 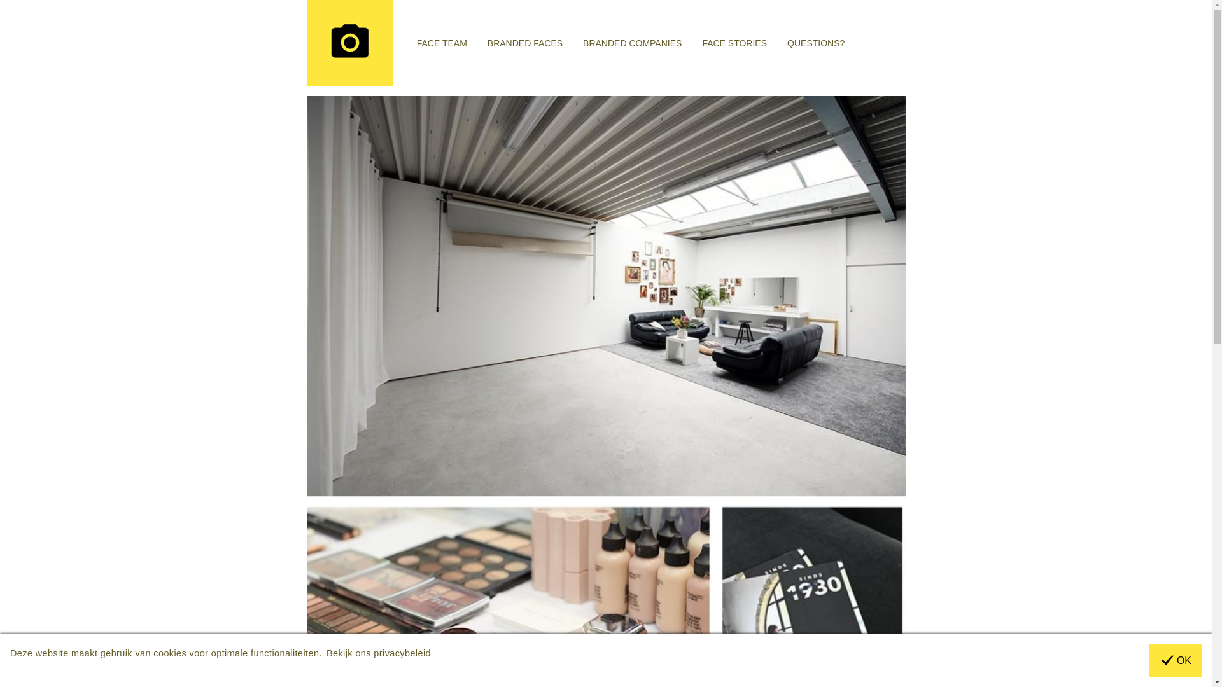 I want to click on 'BRANDED COMPANIES', so click(x=632, y=41).